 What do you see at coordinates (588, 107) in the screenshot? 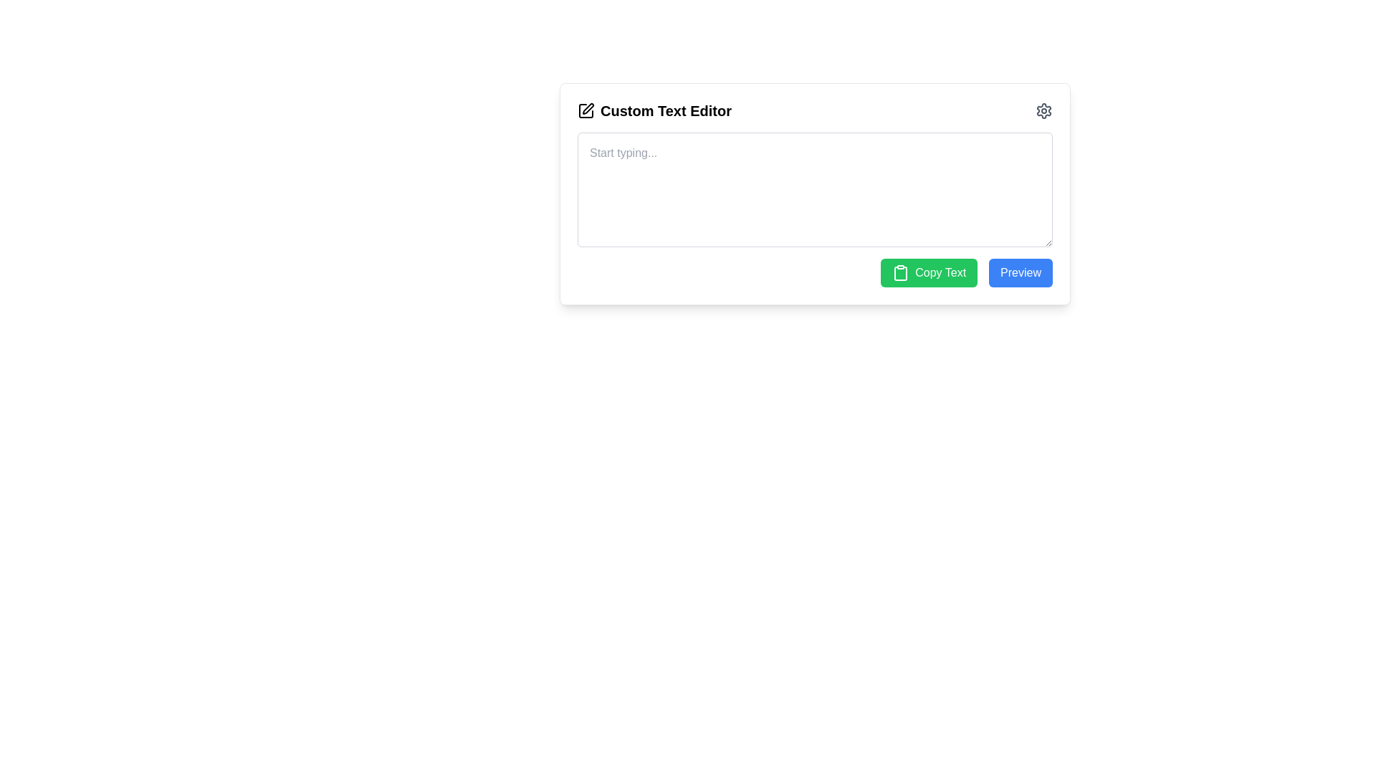
I see `the pen icon located in the top-left corner of the 'Custom Text Editor' box` at bounding box center [588, 107].